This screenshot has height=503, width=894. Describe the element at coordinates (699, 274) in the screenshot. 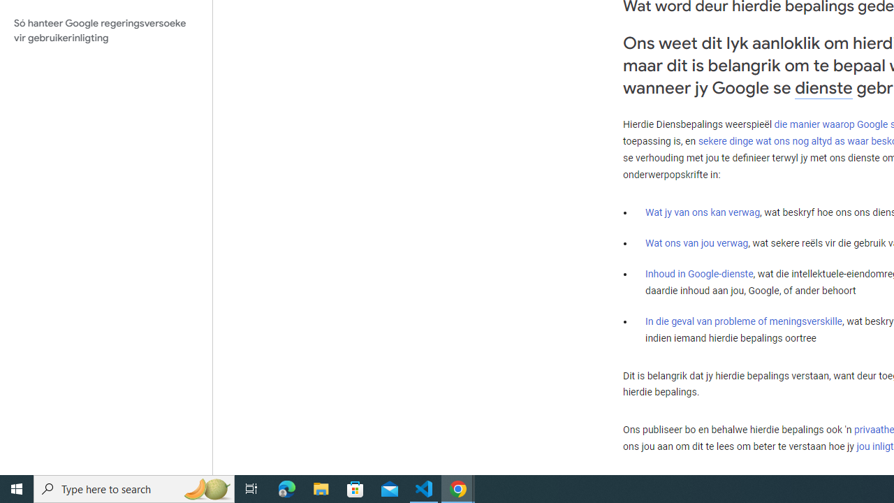

I see `'Inhoud in Google-dienste'` at that location.